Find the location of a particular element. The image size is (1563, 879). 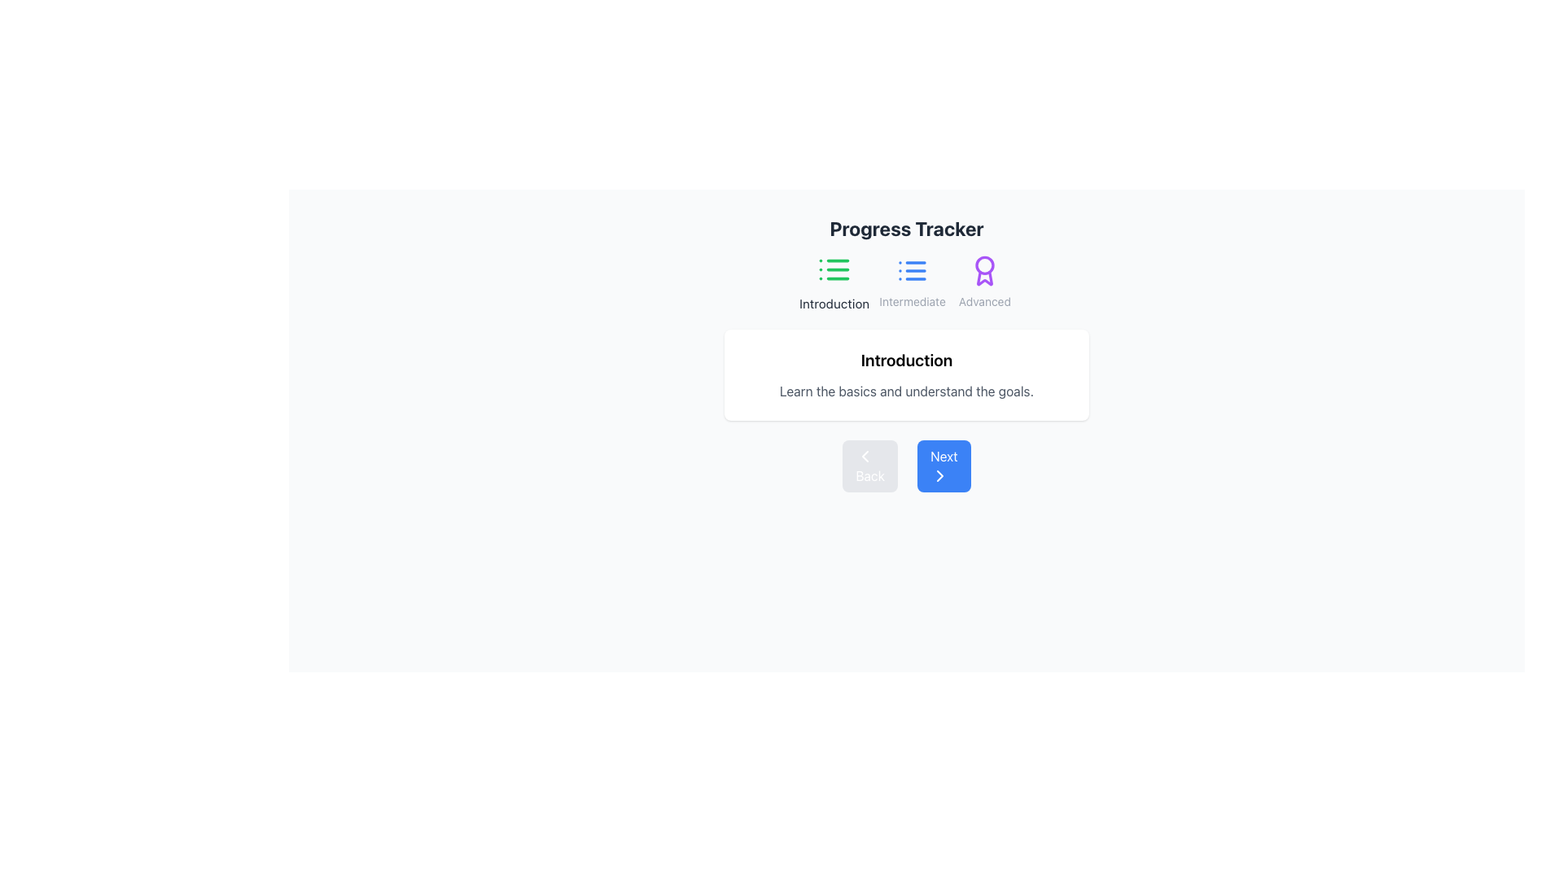

the 'Intermediate' progress stage icon located centrally among the three icons in the 'Progress Tracker' section is located at coordinates (913, 269).